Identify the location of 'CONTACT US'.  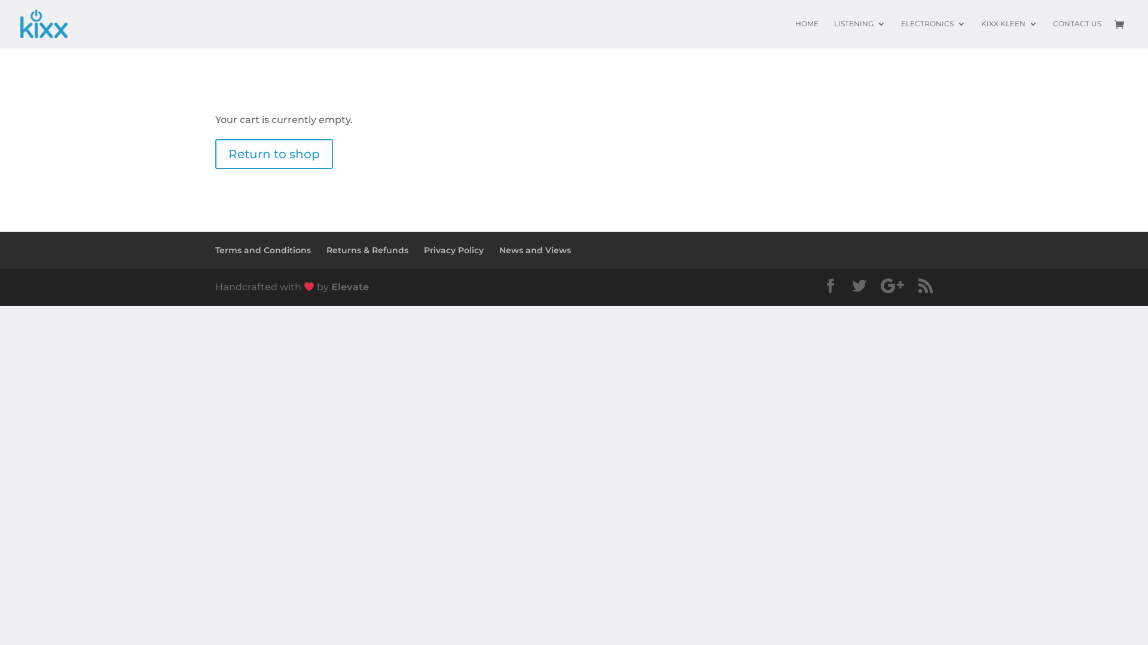
(1077, 33).